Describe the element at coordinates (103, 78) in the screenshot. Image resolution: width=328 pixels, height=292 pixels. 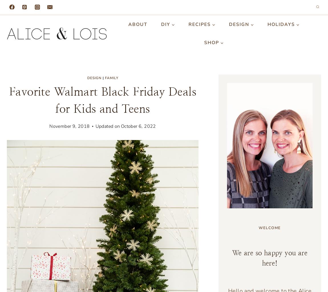
I see `'|'` at that location.